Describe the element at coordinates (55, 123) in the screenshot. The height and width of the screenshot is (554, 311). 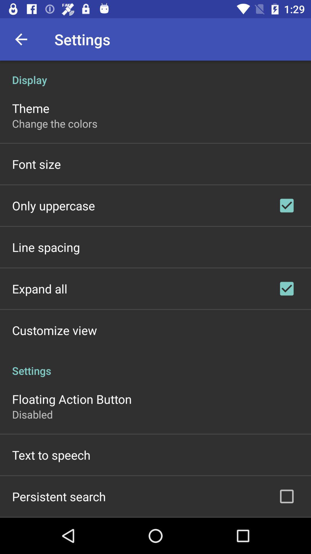
I see `the change the colors item` at that location.